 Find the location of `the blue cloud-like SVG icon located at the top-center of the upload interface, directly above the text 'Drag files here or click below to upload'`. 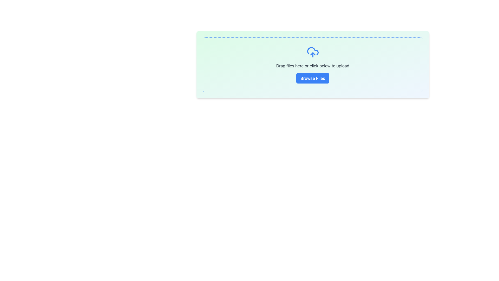

the blue cloud-like SVG icon located at the top-center of the upload interface, directly above the text 'Drag files here or click below to upload' is located at coordinates (312, 51).